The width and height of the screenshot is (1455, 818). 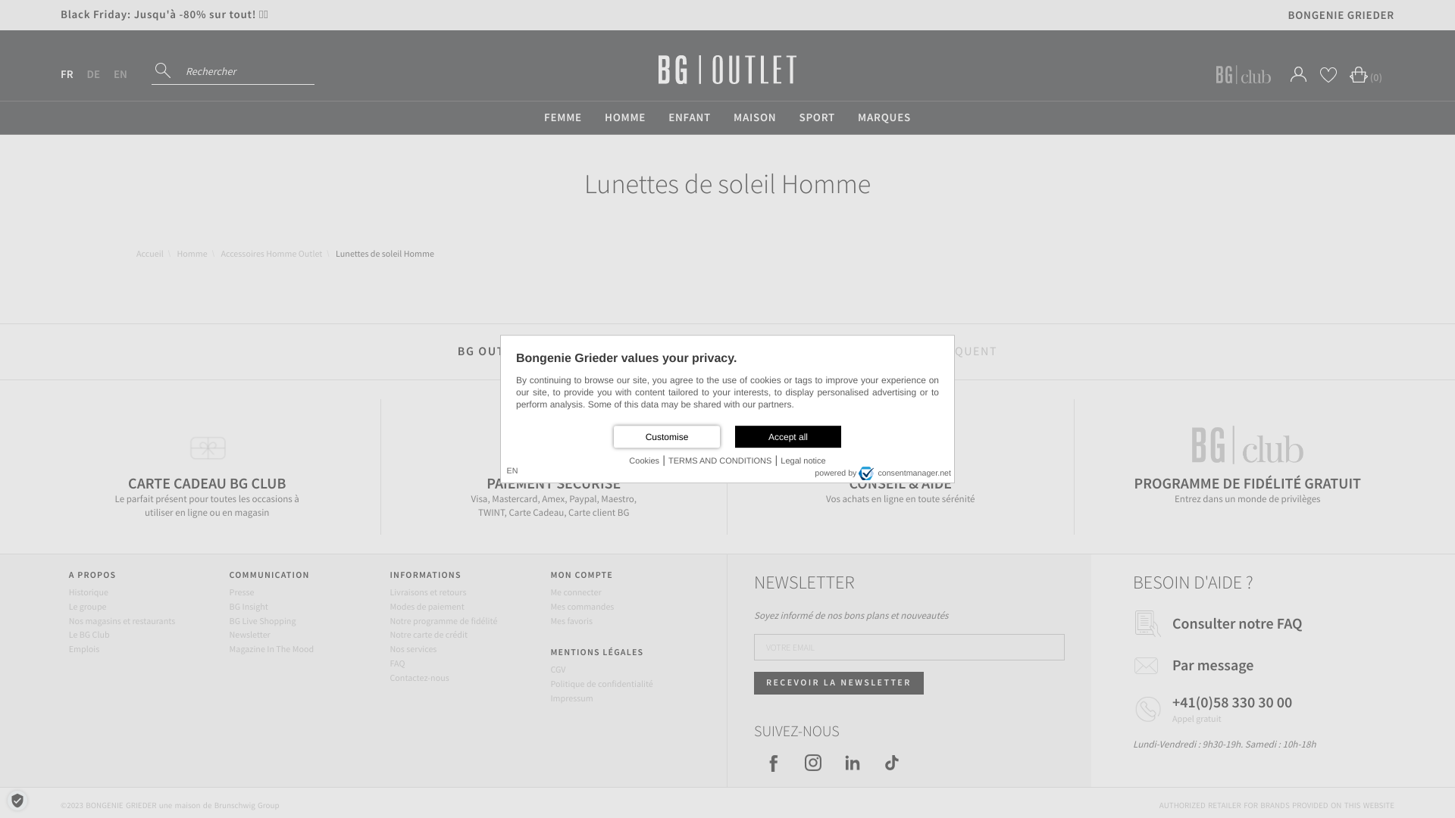 I want to click on 'BONGENIE GRIEDER', so click(x=1341, y=14).